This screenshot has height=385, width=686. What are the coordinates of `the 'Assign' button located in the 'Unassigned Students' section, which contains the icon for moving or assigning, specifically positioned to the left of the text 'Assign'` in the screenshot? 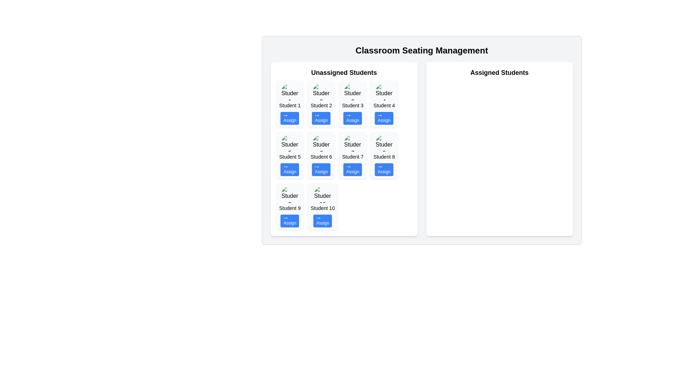 It's located at (285, 166).